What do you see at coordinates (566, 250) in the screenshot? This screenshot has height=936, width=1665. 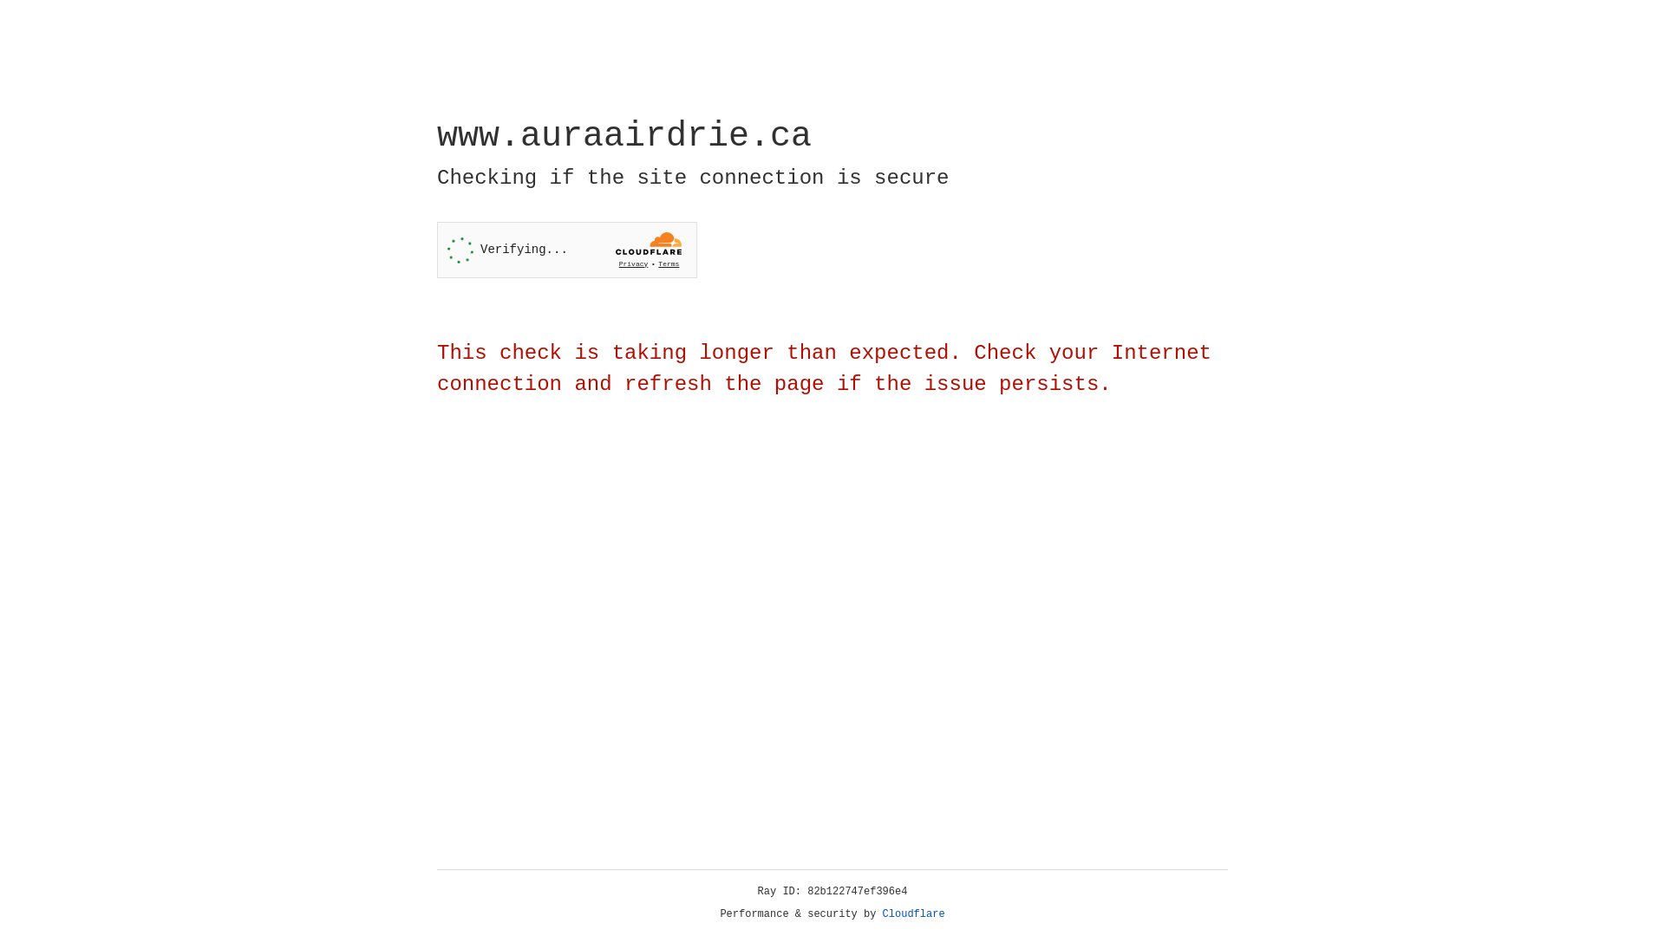 I see `'Widget containing a Cloudflare security challenge'` at bounding box center [566, 250].